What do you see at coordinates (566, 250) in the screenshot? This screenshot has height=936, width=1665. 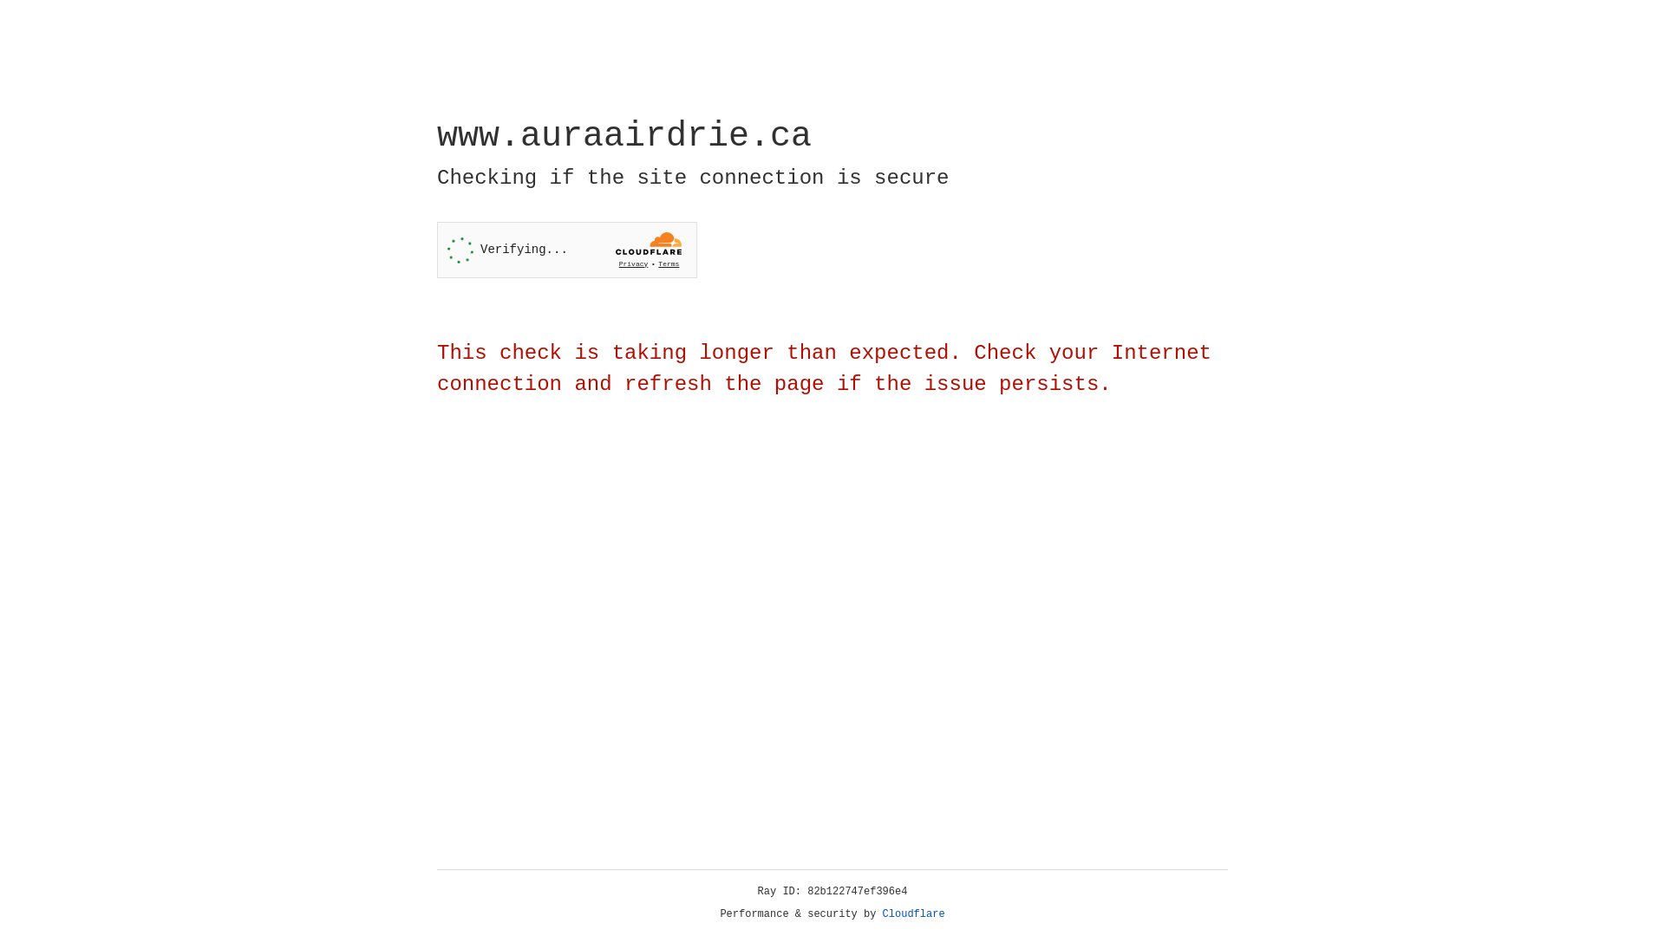 I see `'Widget containing a Cloudflare security challenge'` at bounding box center [566, 250].